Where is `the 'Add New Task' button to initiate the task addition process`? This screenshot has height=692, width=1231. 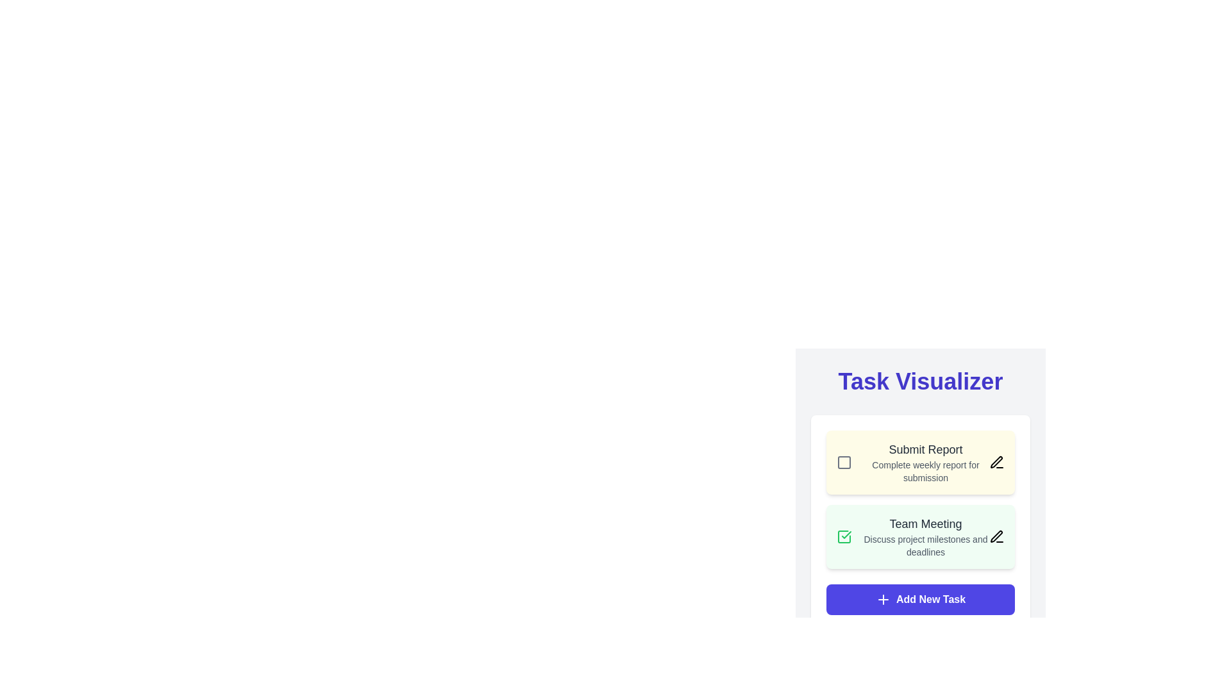 the 'Add New Task' button to initiate the task addition process is located at coordinates (919, 600).